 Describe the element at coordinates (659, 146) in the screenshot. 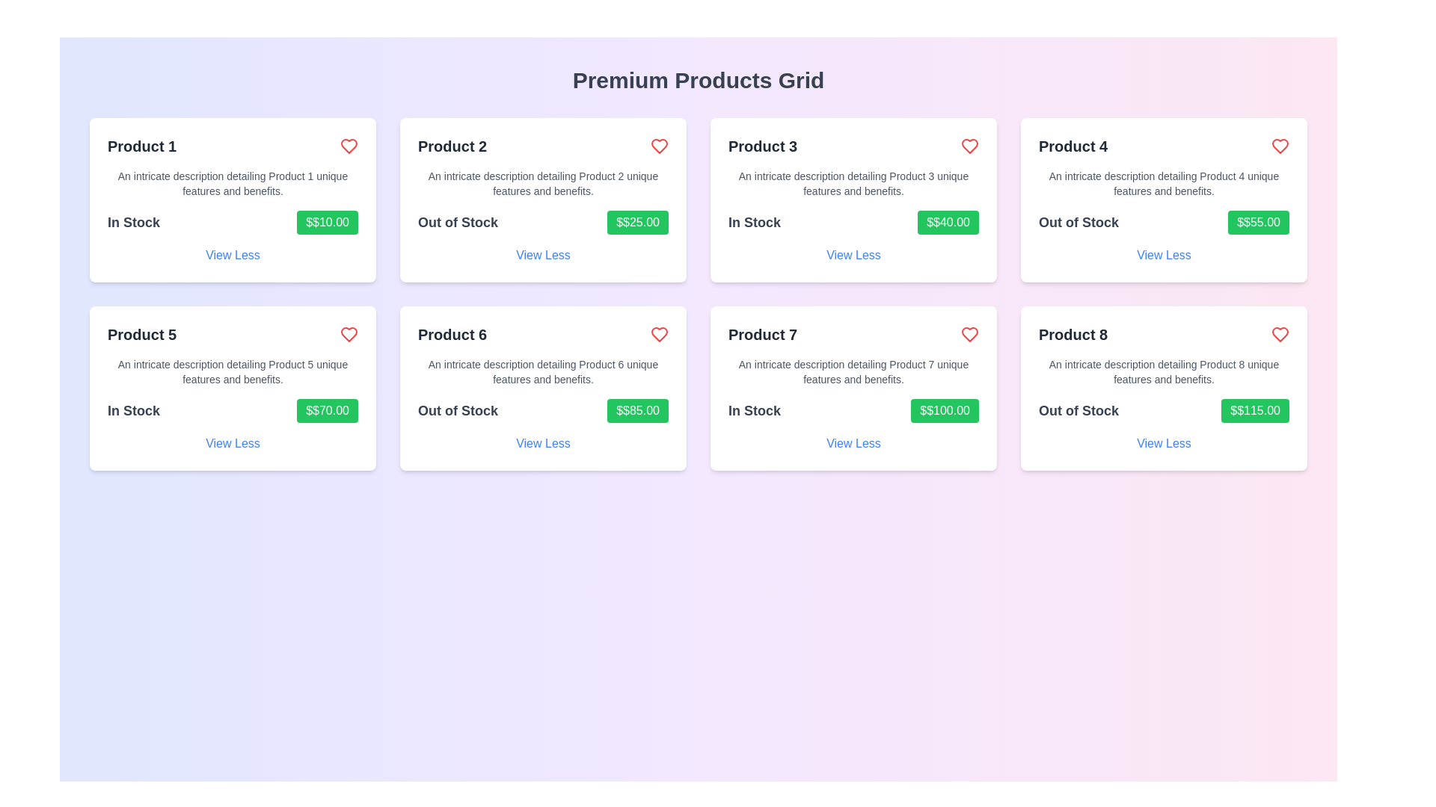

I see `the clickable icon button located in the top-right corner of the 'Product 2' card` at that location.